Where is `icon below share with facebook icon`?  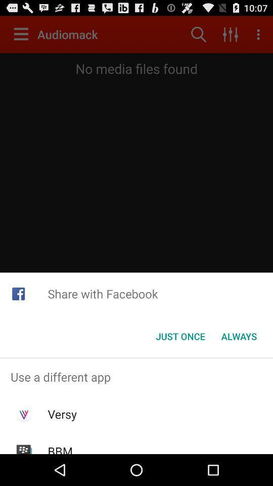 icon below share with facebook icon is located at coordinates (180, 336).